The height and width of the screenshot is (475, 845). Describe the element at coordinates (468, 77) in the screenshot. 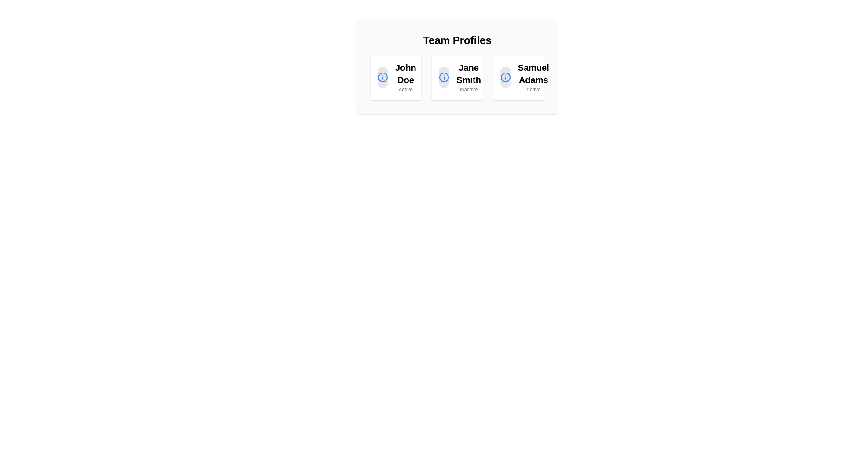

I see `the label displaying the name 'Jane Smith' in bold font, located in the second card under 'Team Profiles'` at that location.